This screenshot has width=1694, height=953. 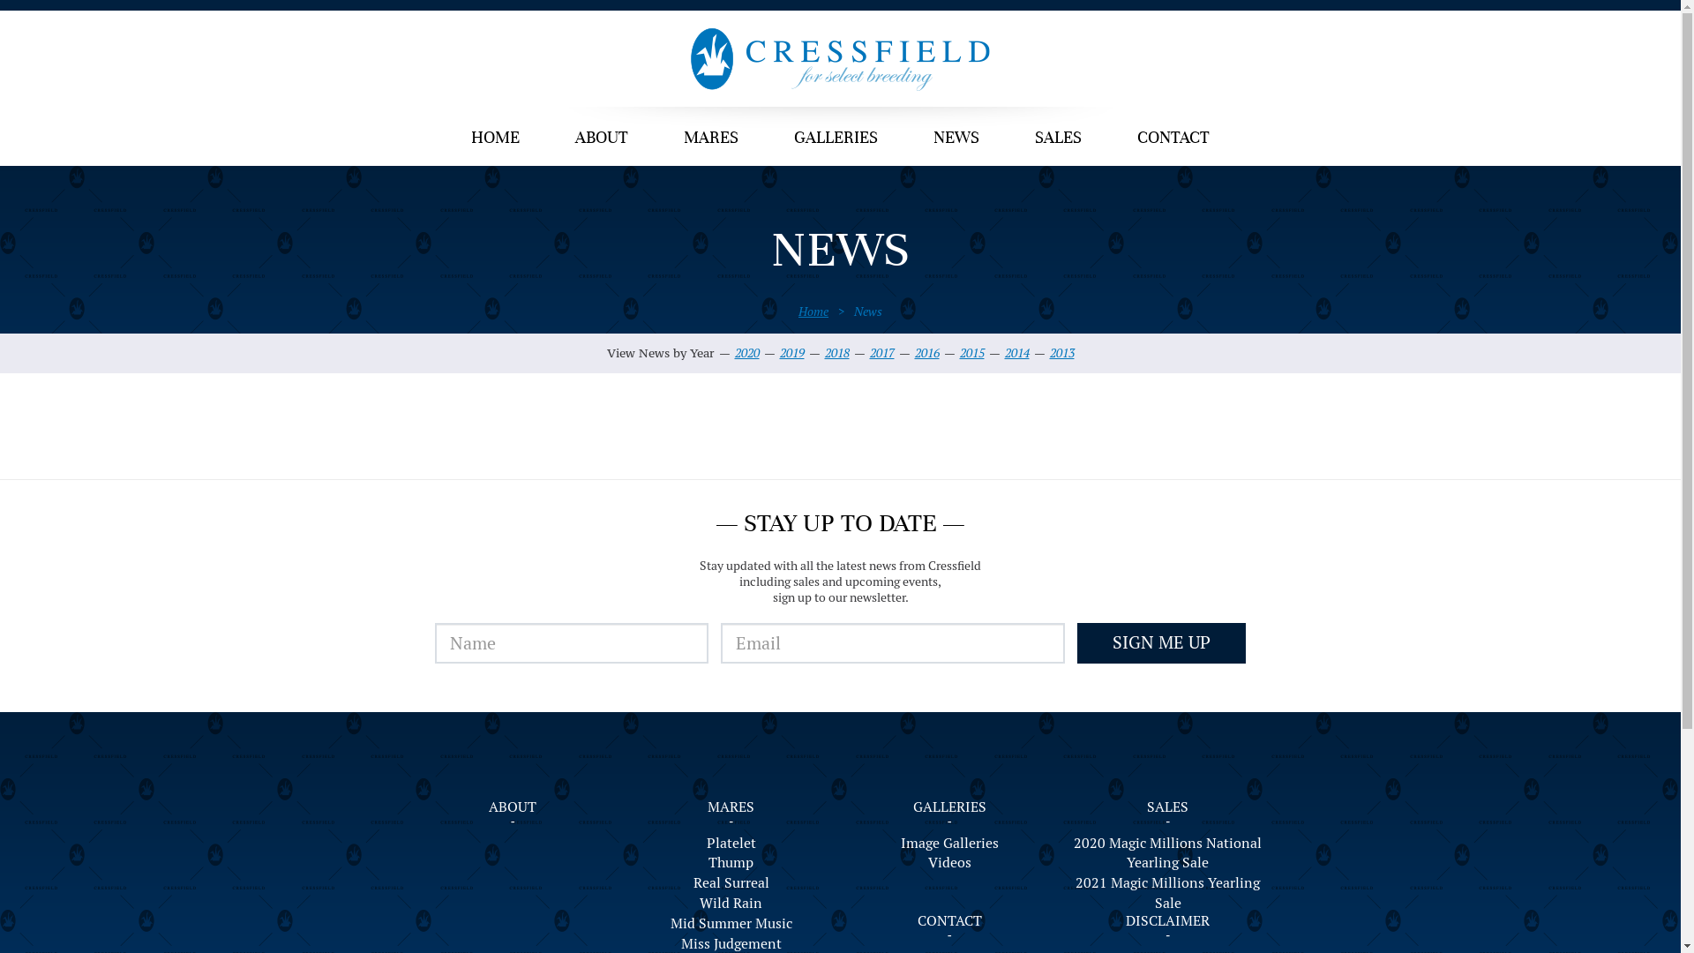 What do you see at coordinates (971, 353) in the screenshot?
I see `'2015'` at bounding box center [971, 353].